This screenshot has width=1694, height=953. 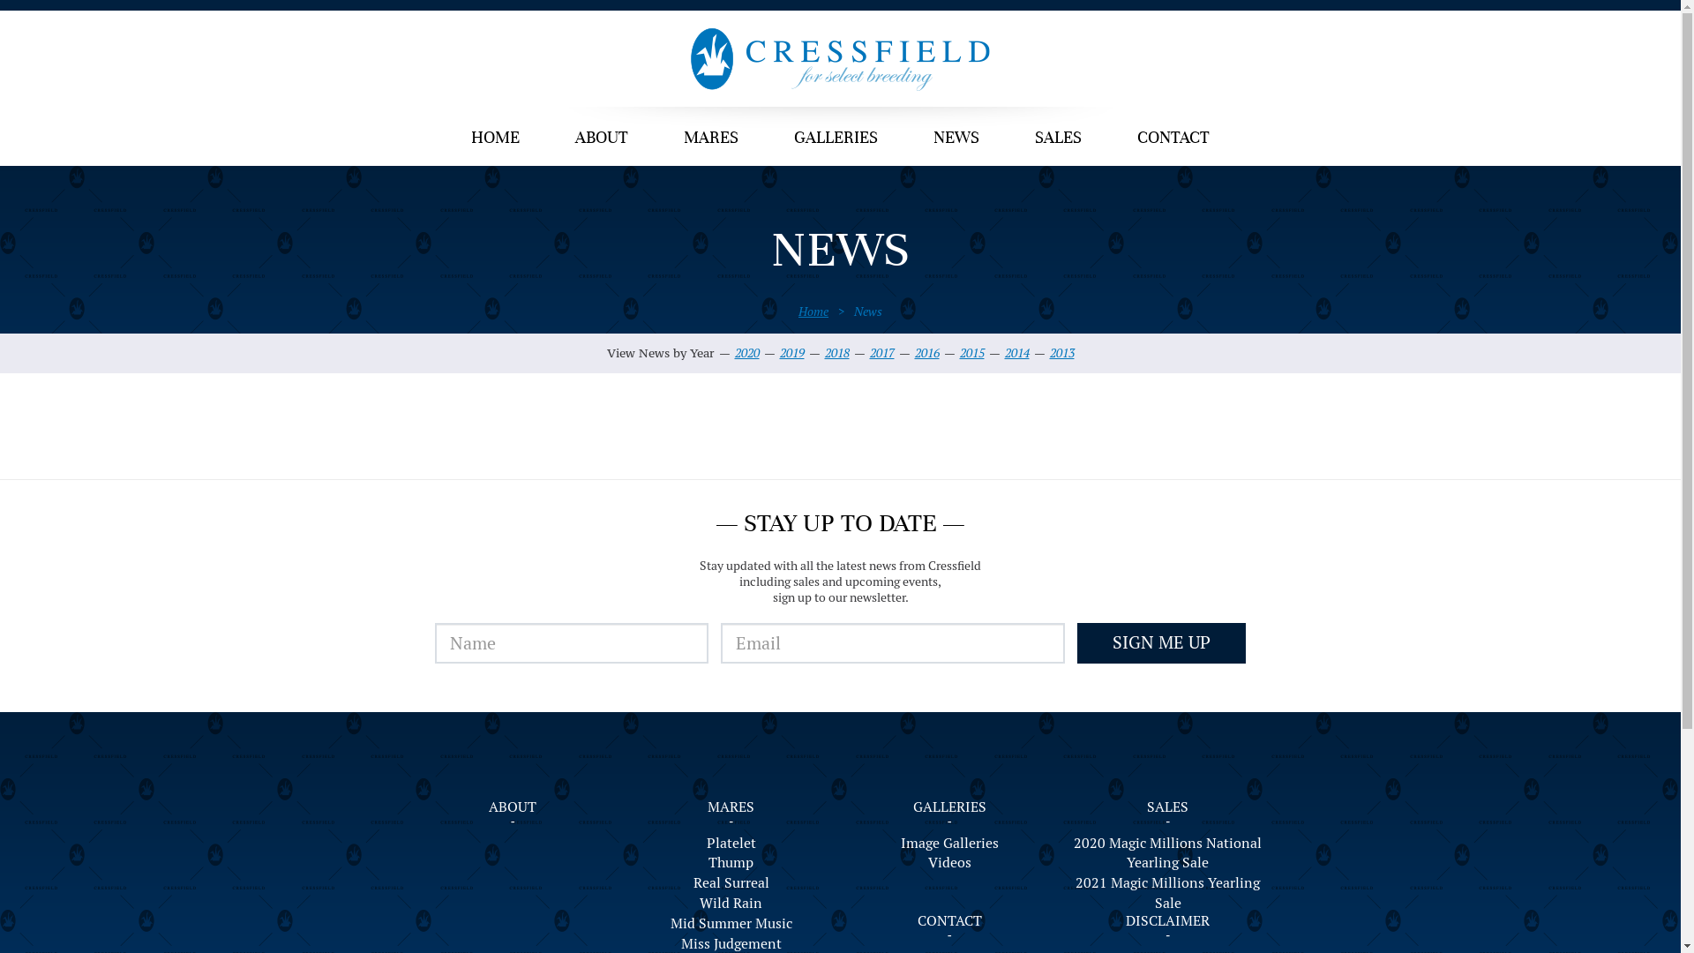 What do you see at coordinates (971, 353) in the screenshot?
I see `'2015'` at bounding box center [971, 353].